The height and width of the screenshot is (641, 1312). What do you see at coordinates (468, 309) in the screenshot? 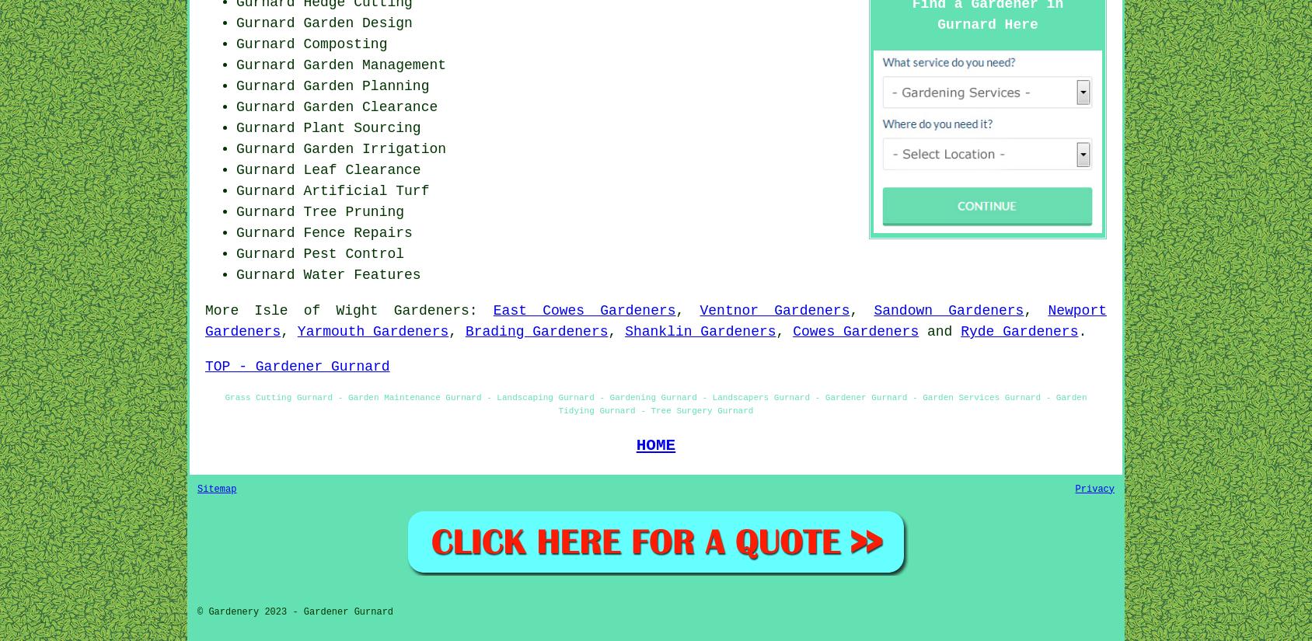
I see `':'` at bounding box center [468, 309].